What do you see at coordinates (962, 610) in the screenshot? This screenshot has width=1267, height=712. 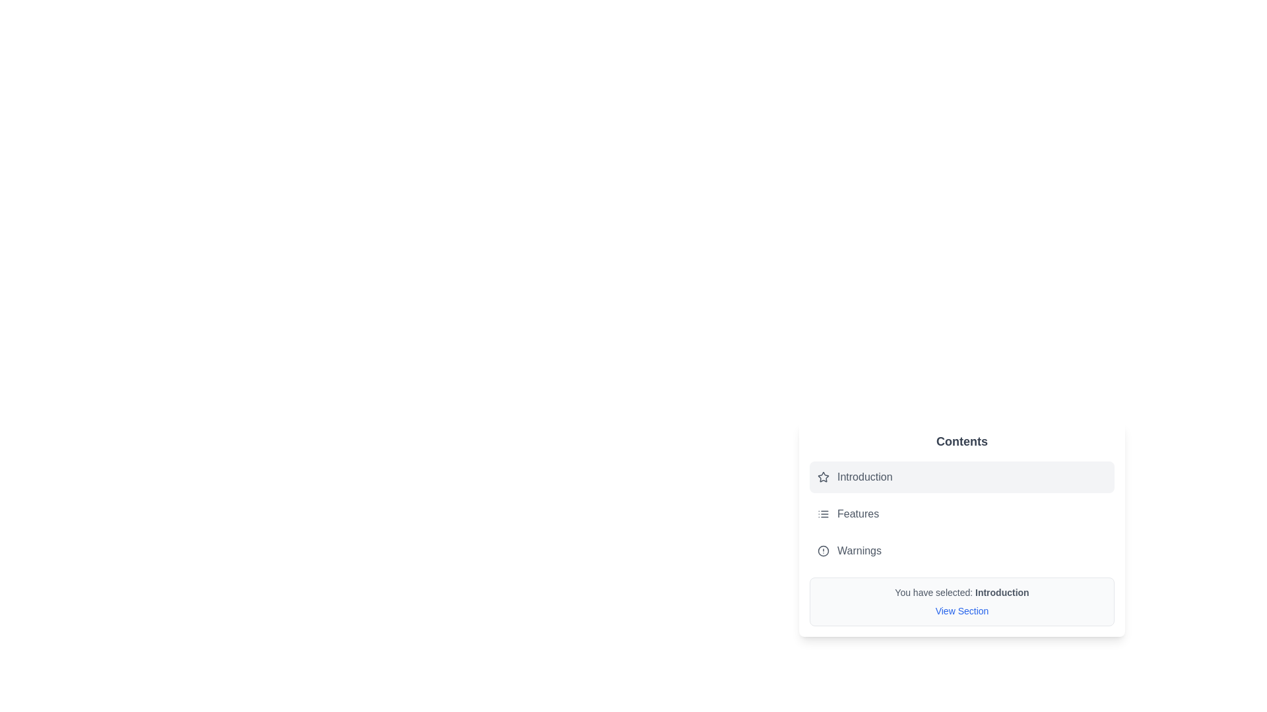 I see `the 'View Section' hyperlink located within the gray background box beneath the 'Contents' section` at bounding box center [962, 610].